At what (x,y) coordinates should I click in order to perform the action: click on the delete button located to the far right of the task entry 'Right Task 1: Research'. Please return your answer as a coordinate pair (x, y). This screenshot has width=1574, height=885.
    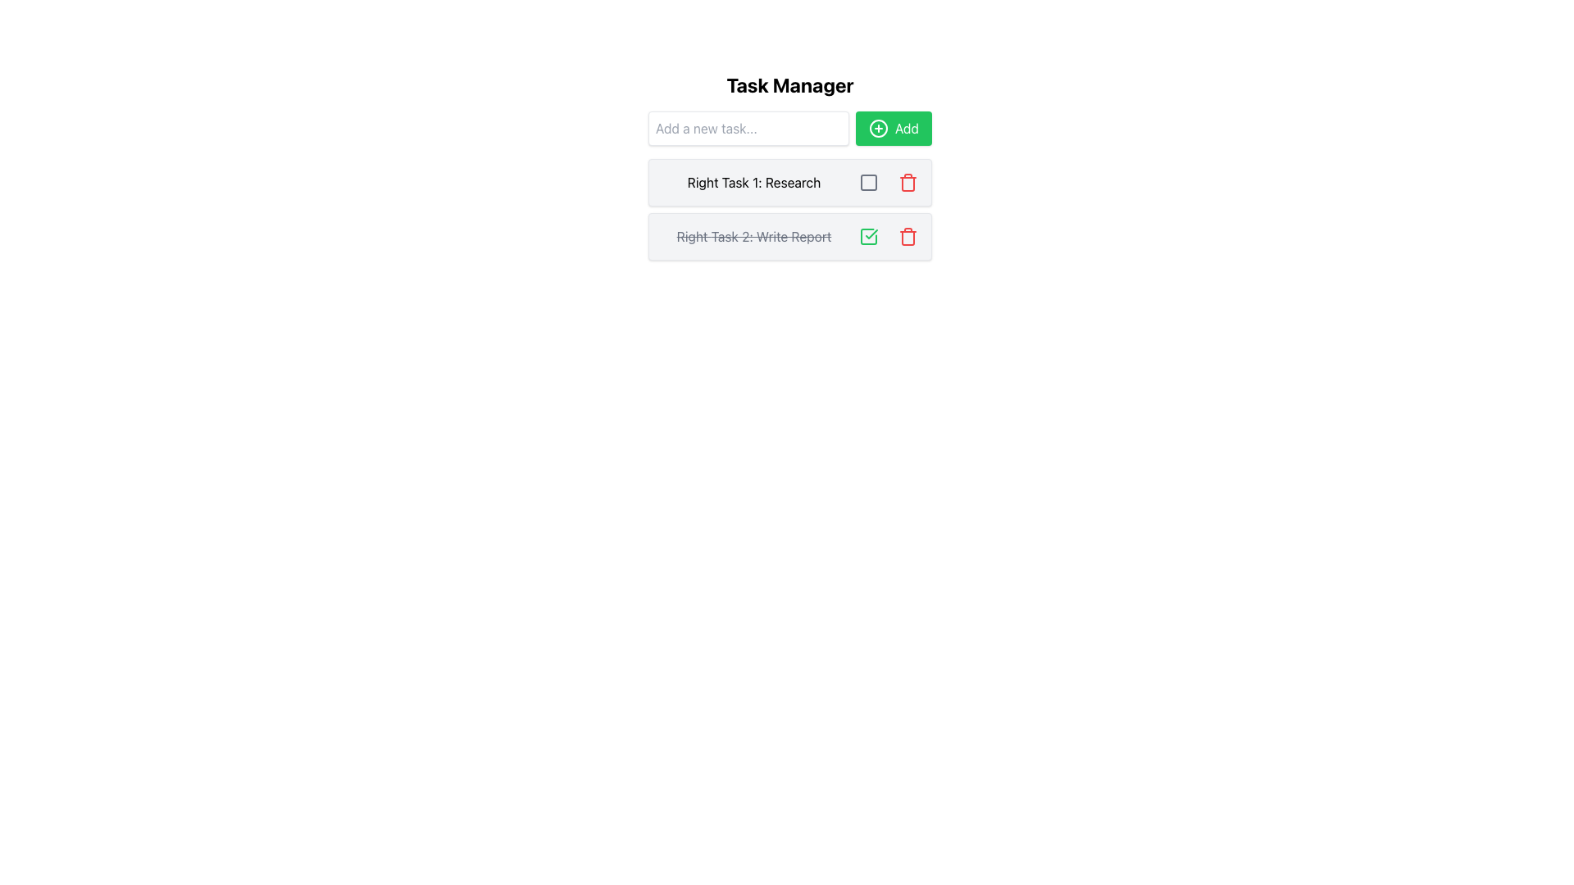
    Looking at the image, I should click on (908, 183).